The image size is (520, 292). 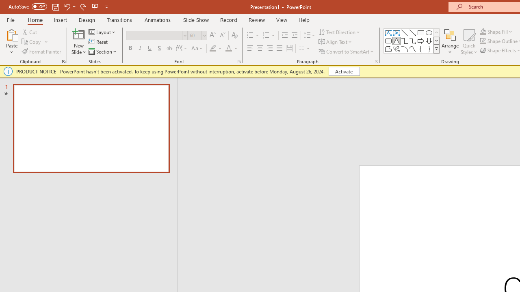 What do you see at coordinates (222, 35) in the screenshot?
I see `'Decrease Font Size'` at bounding box center [222, 35].